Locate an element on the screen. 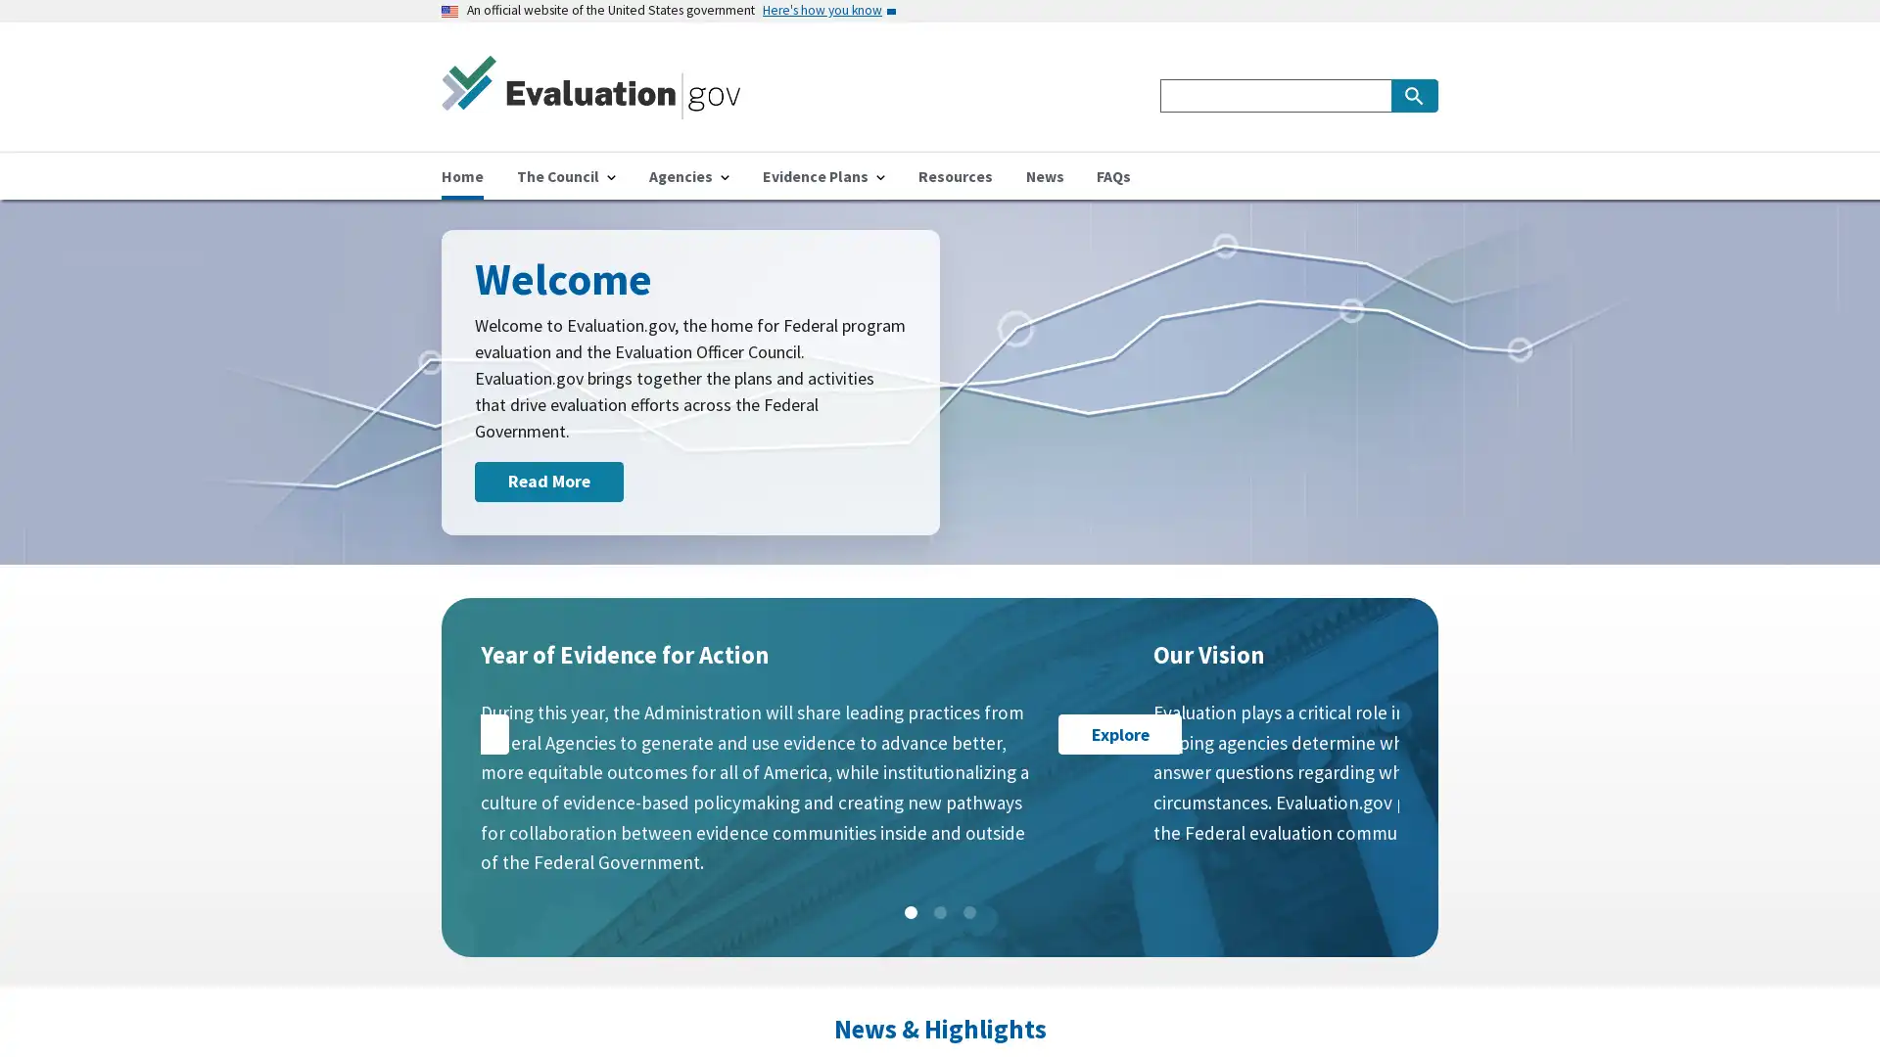  Search is located at coordinates (1414, 95).